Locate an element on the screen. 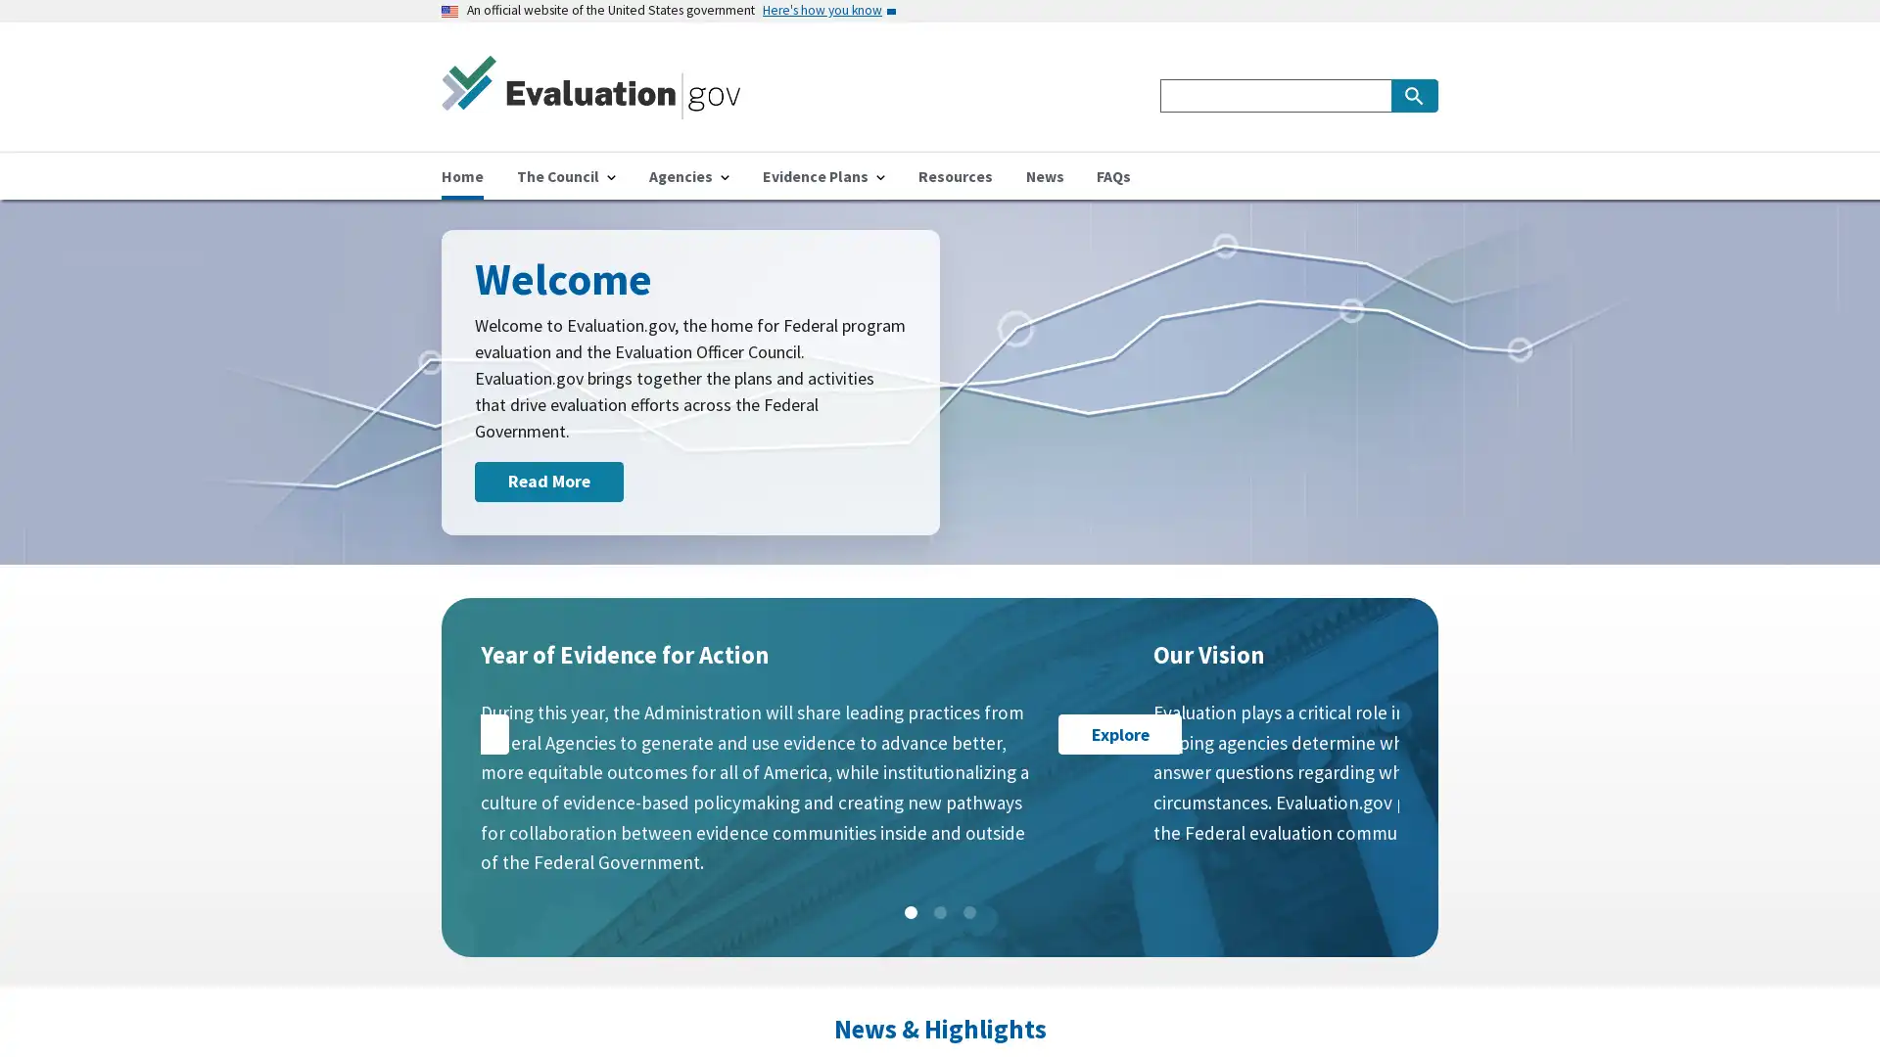  Search is located at coordinates (1414, 95).